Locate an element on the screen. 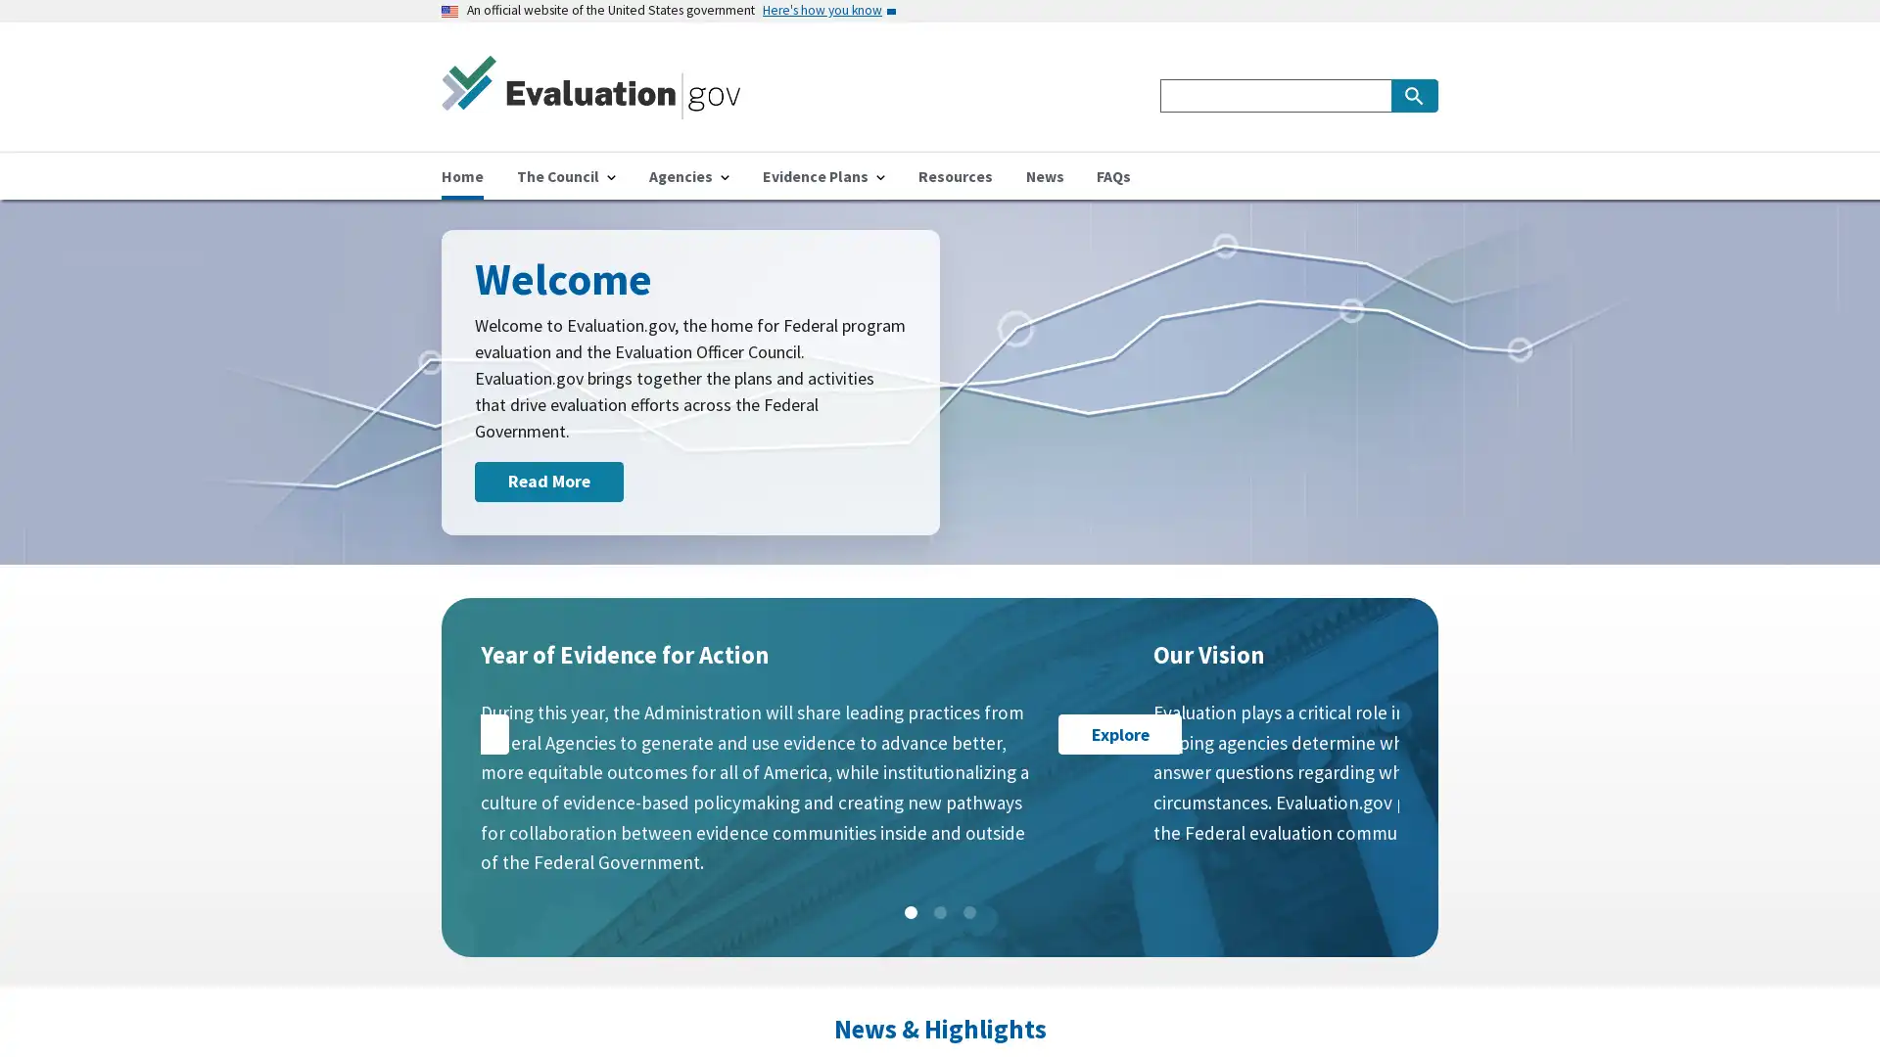  Search is located at coordinates (1414, 95).